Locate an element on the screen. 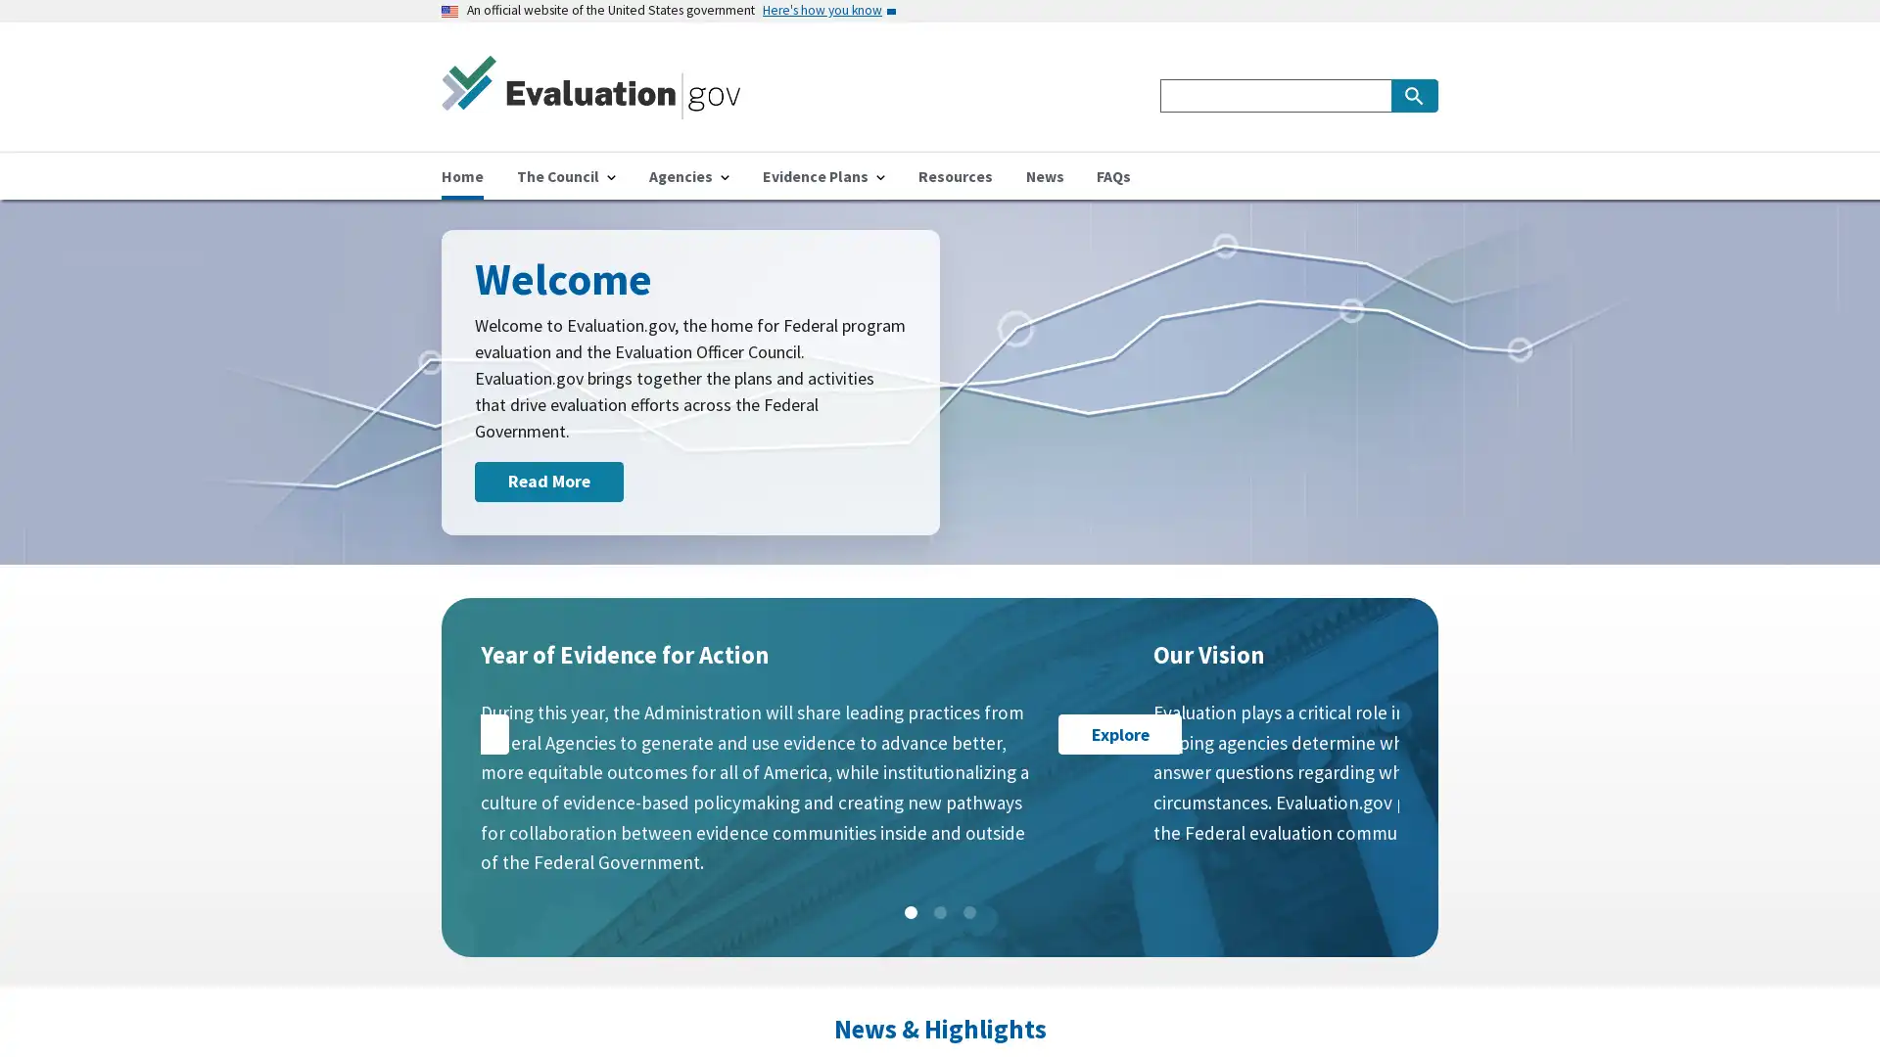  Search is located at coordinates (1414, 95).